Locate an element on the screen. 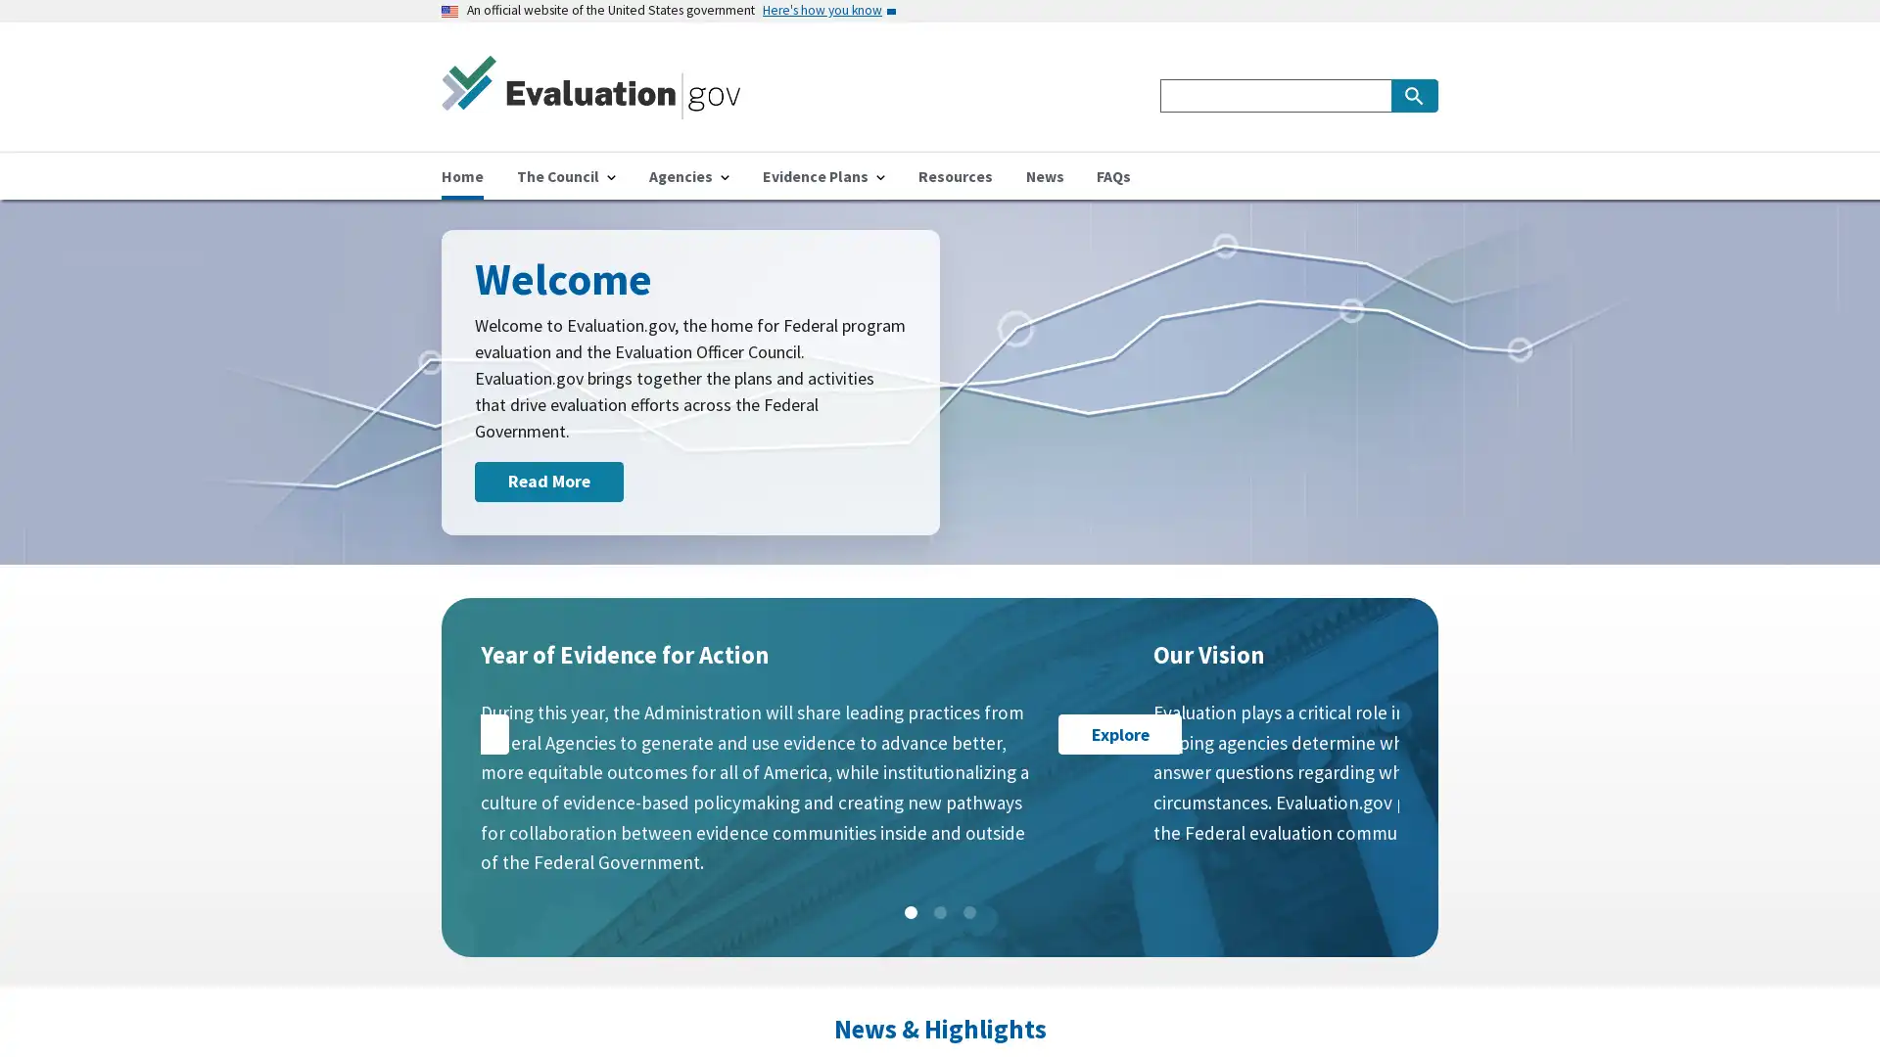  Search is located at coordinates (1414, 95).